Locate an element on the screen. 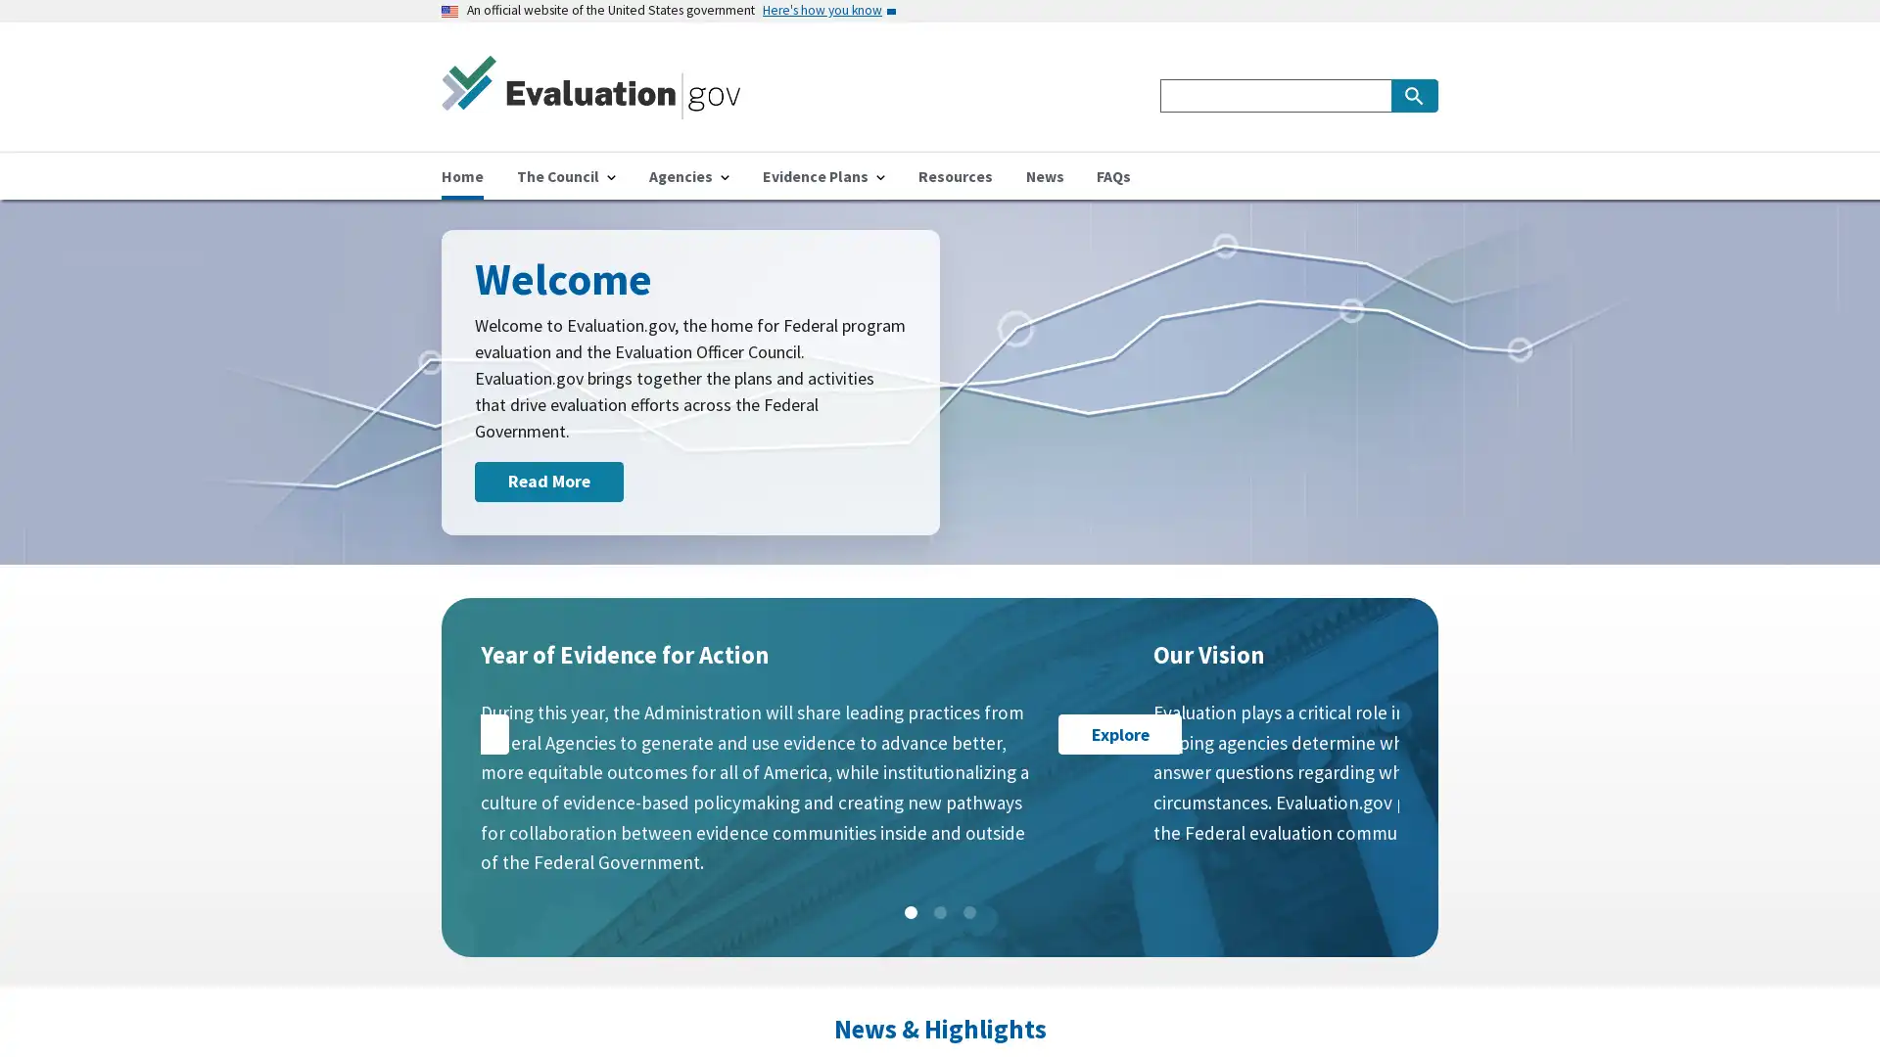  Search is located at coordinates (1414, 95).